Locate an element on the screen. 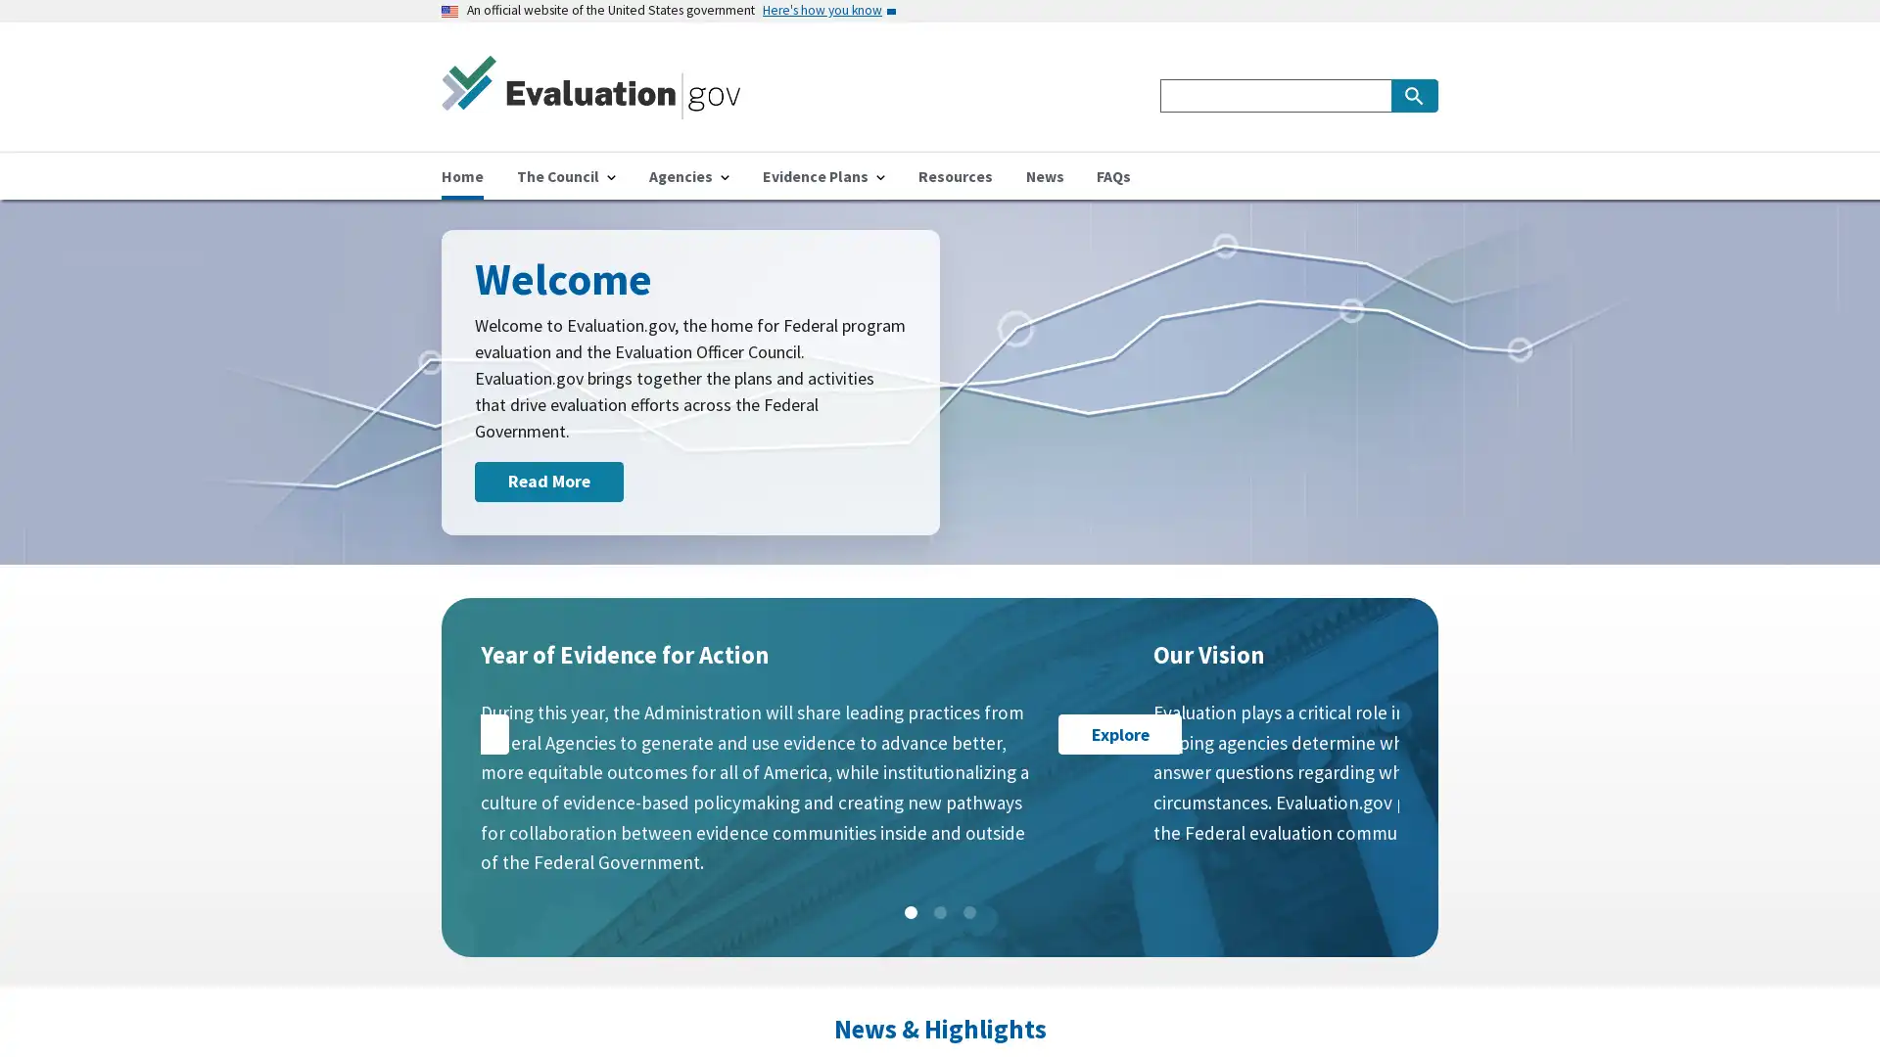  Search is located at coordinates (1414, 95).